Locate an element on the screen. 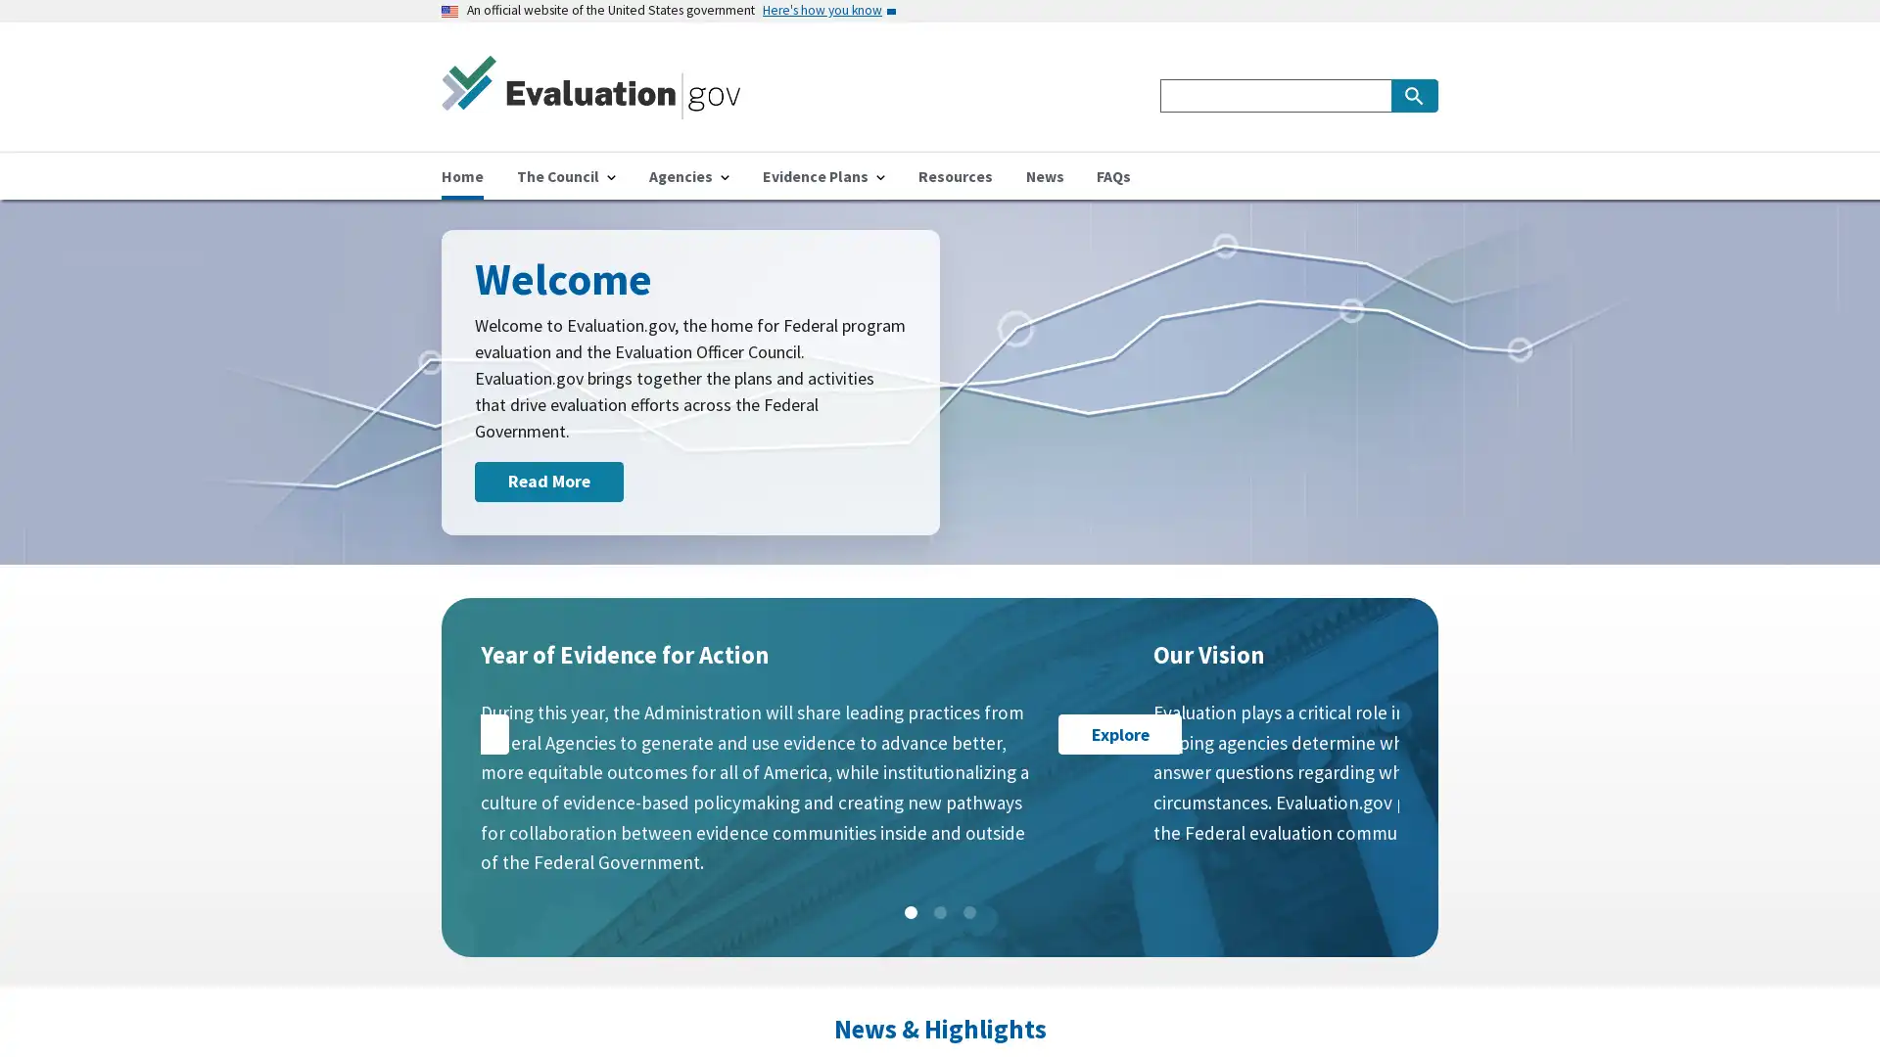  Search is located at coordinates (1414, 95).